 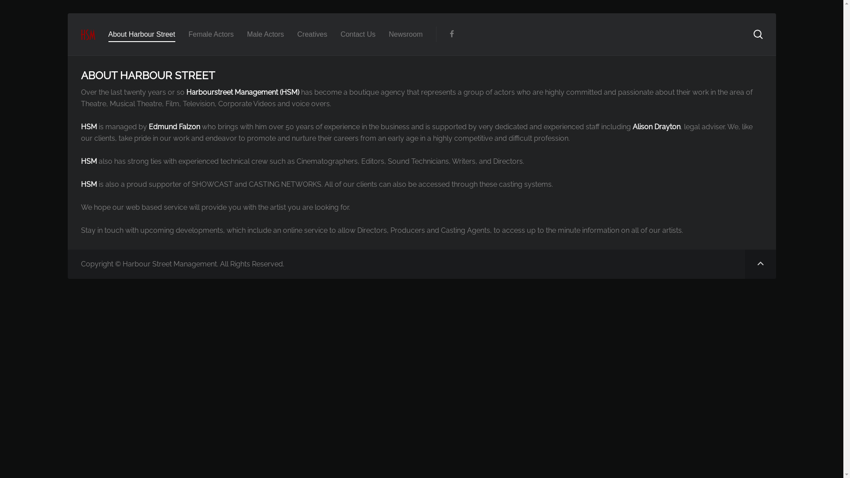 I want to click on 'Contact Us', so click(x=358, y=34).